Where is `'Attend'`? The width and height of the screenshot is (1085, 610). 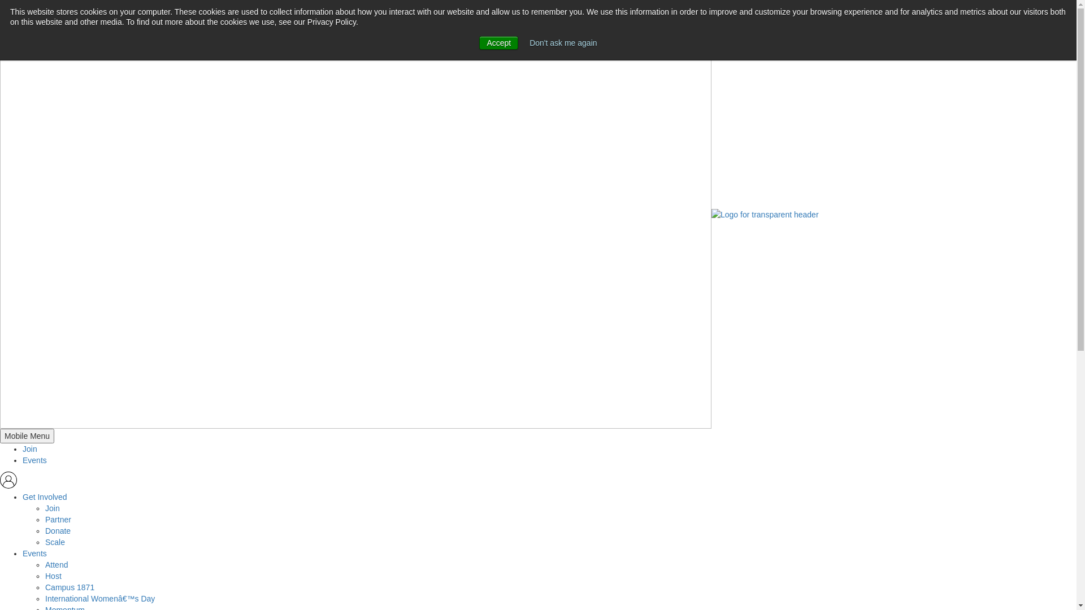
'Attend' is located at coordinates (56, 564).